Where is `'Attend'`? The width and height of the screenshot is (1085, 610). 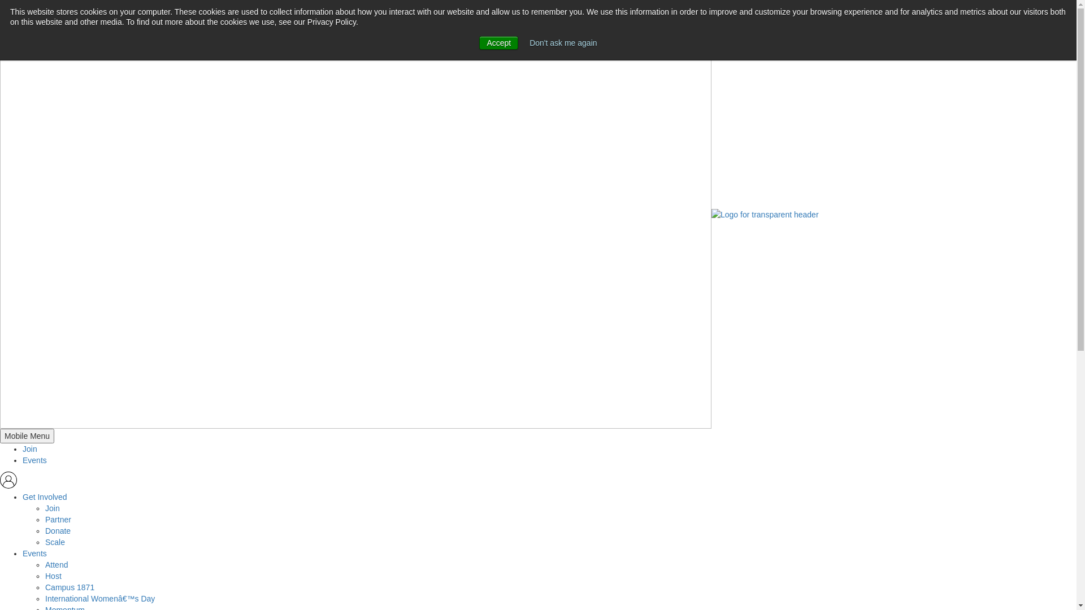
'Attend' is located at coordinates (56, 564).